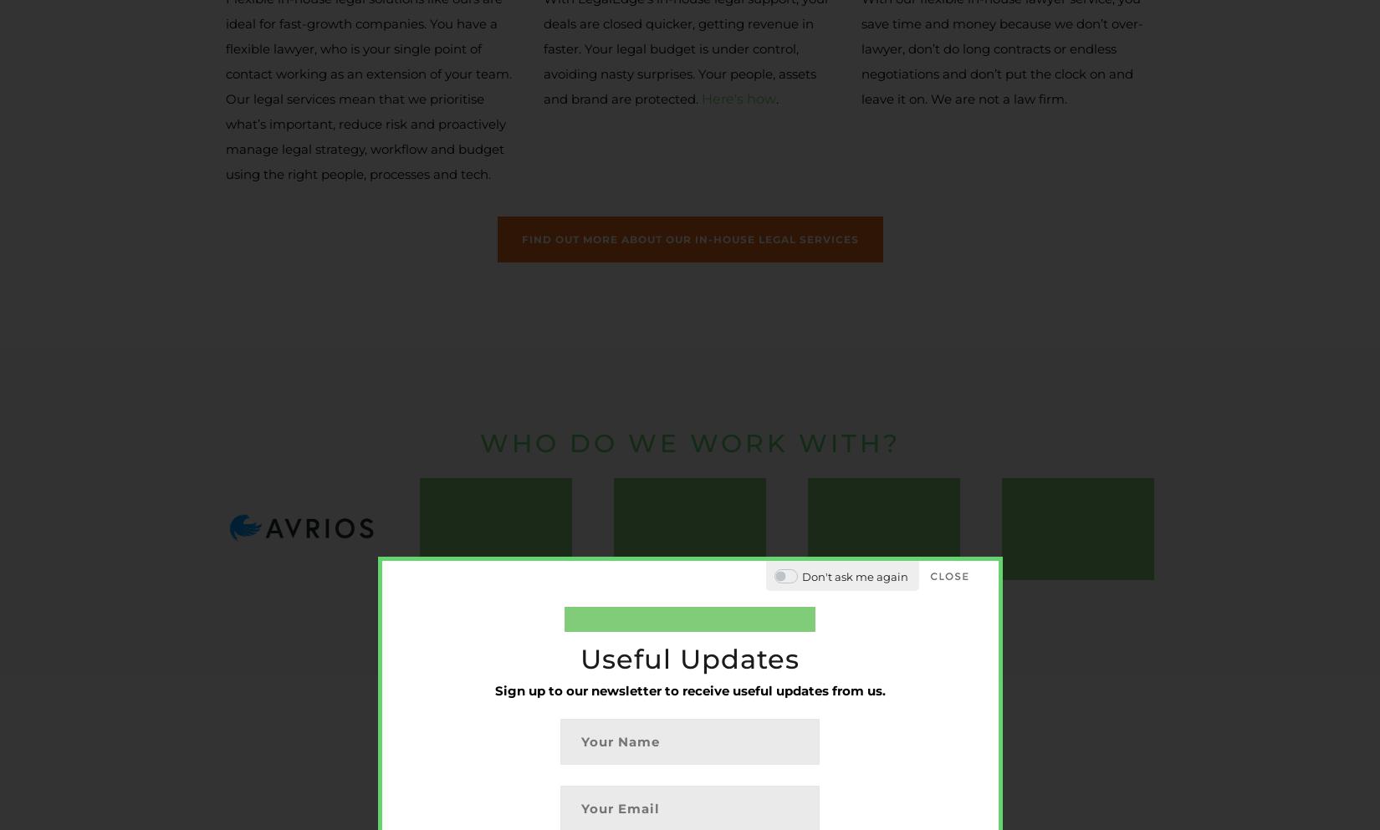 The height and width of the screenshot is (830, 1380). I want to click on 'COO/CFO -', so click(1315, 233).